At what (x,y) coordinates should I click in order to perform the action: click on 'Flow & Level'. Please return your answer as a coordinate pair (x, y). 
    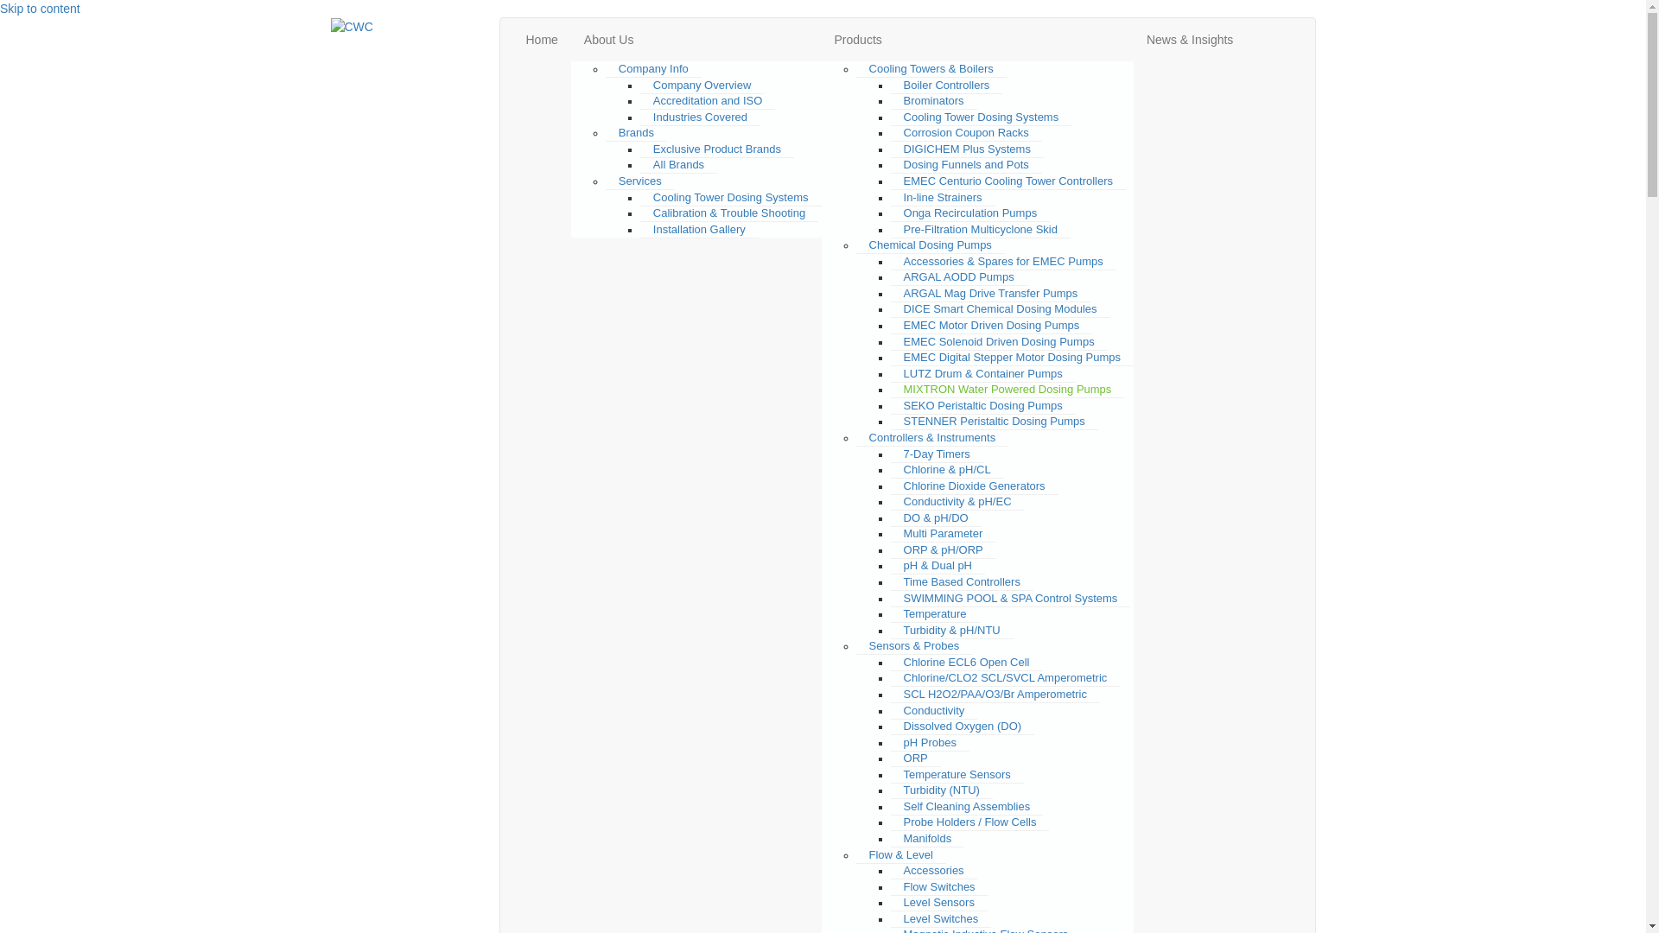
    Looking at the image, I should click on (899, 855).